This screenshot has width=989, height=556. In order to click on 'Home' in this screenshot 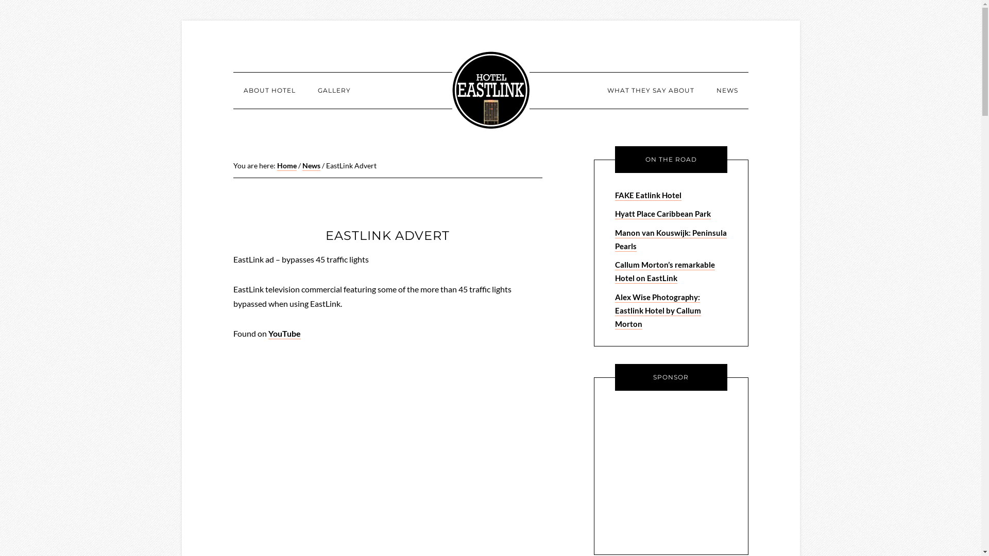, I will do `click(286, 165)`.